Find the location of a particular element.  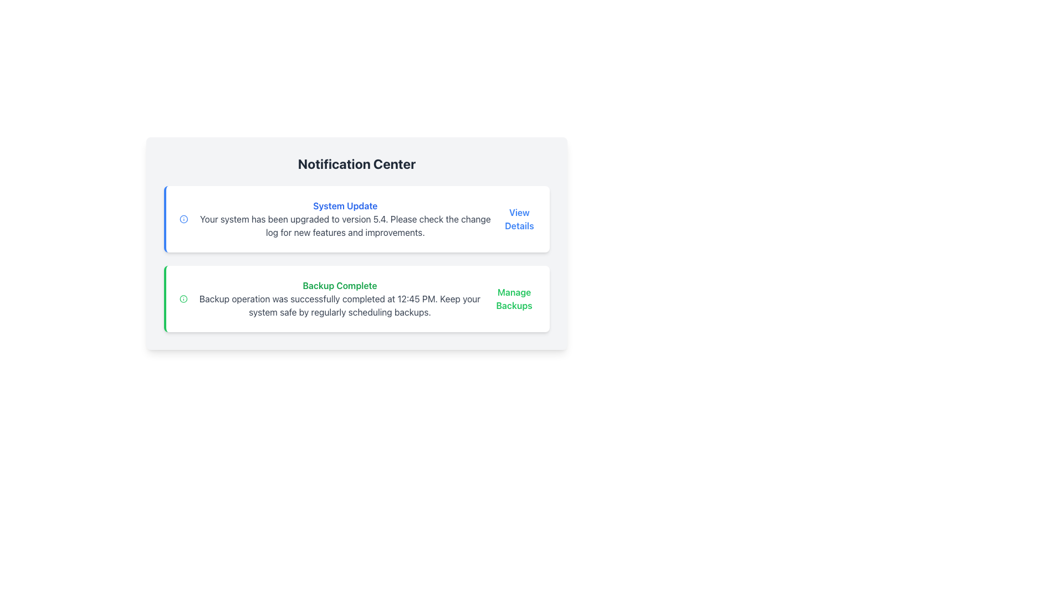

the text label displaying 'System Update' is located at coordinates (345, 205).